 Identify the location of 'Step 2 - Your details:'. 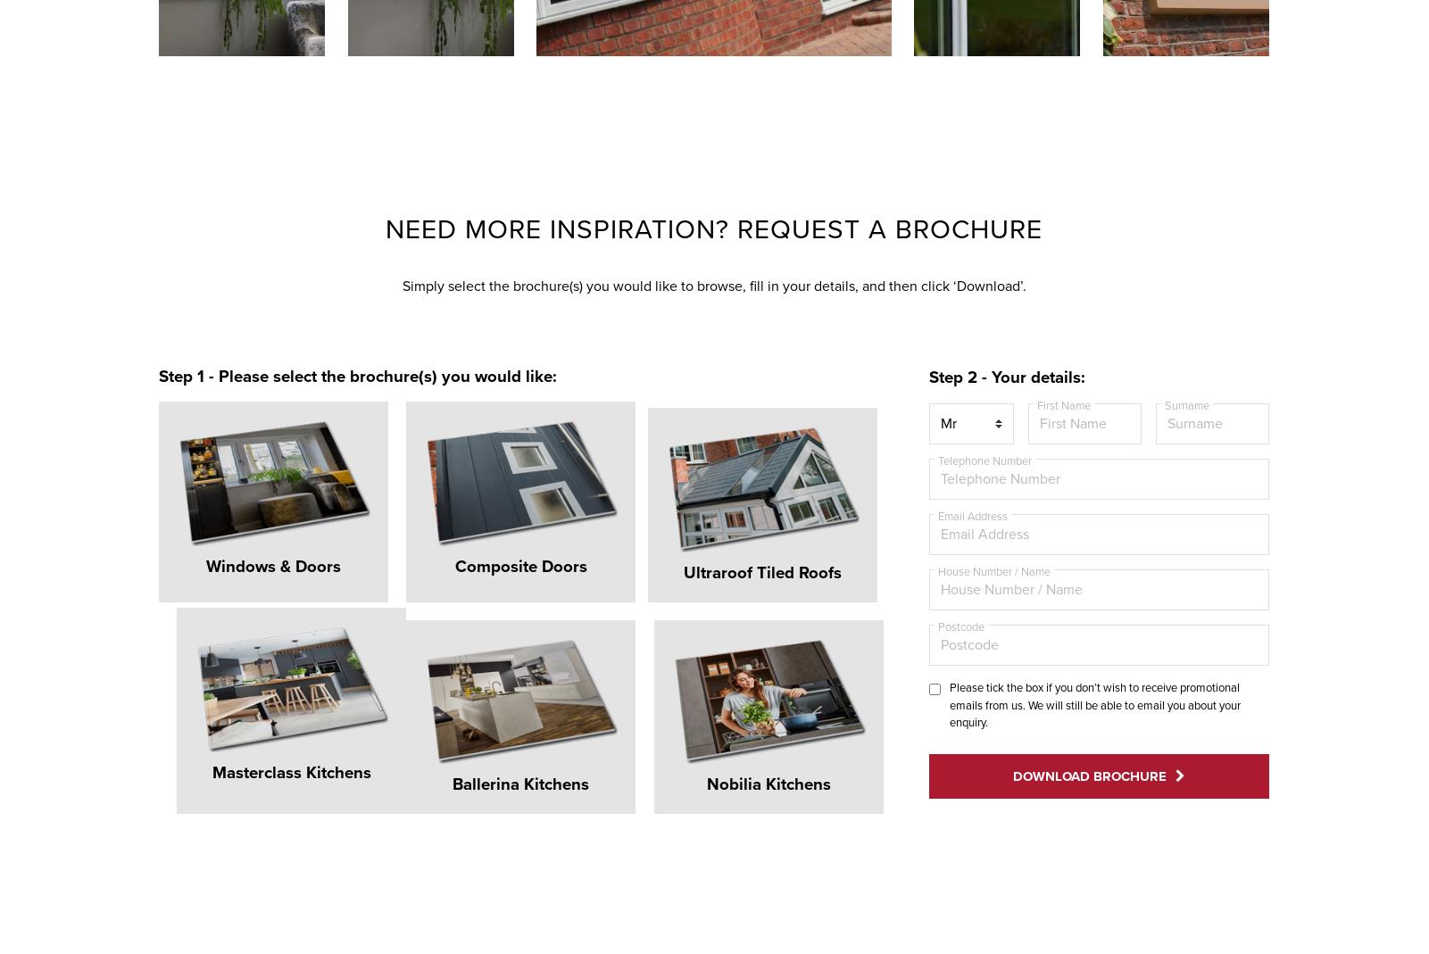
(1006, 377).